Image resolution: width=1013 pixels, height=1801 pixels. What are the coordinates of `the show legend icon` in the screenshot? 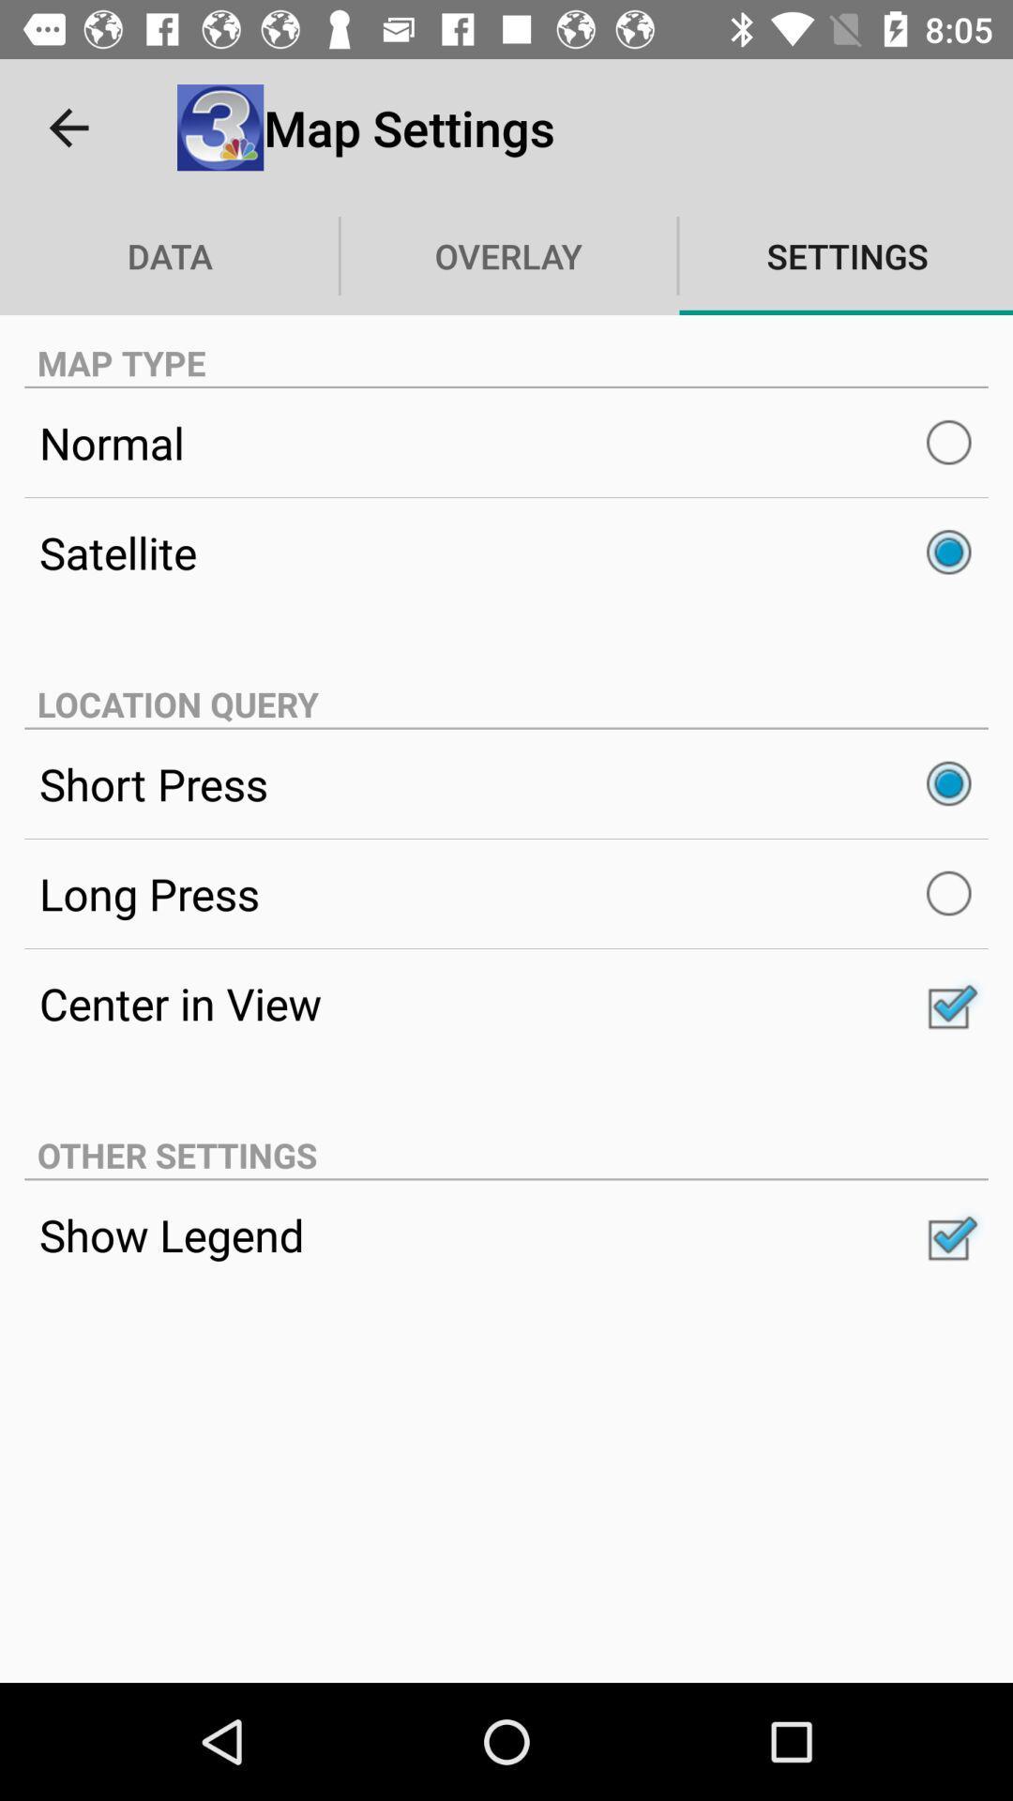 It's located at (506, 1234).